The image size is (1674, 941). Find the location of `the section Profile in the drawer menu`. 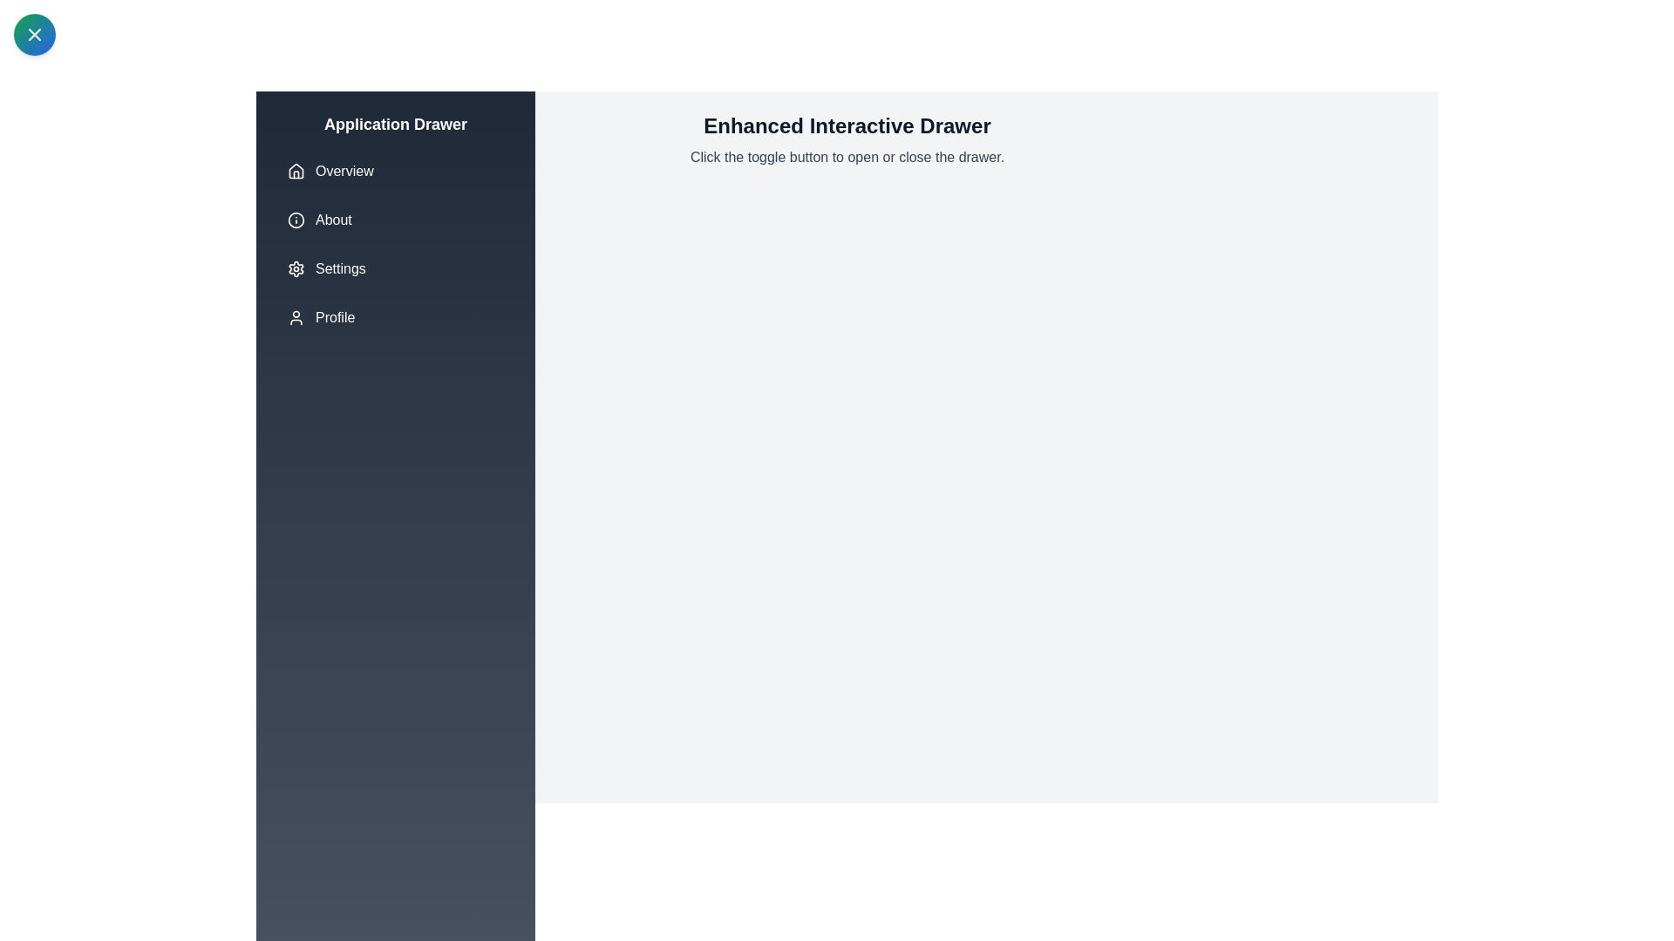

the section Profile in the drawer menu is located at coordinates (395, 318).